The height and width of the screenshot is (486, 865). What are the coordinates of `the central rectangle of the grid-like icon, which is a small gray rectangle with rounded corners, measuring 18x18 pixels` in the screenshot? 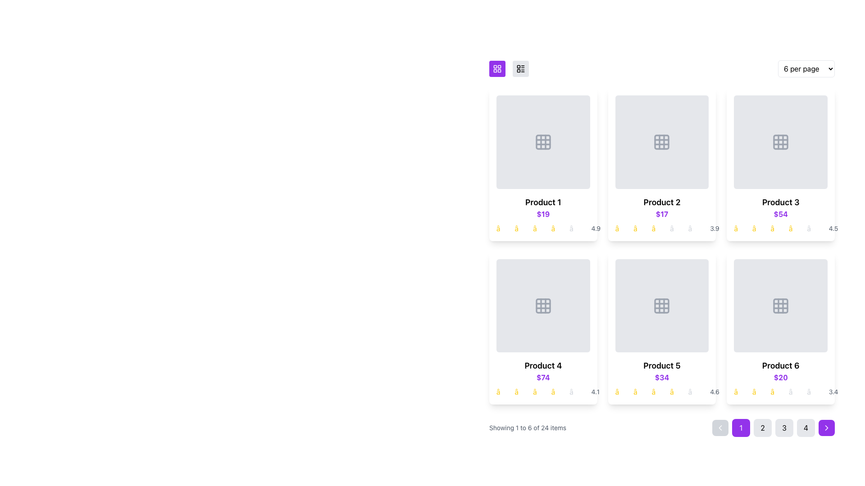 It's located at (542, 142).